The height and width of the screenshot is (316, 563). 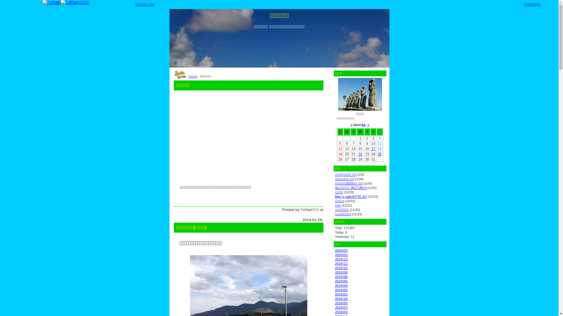 What do you see at coordinates (360, 154) in the screenshot?
I see `'22'` at bounding box center [360, 154].